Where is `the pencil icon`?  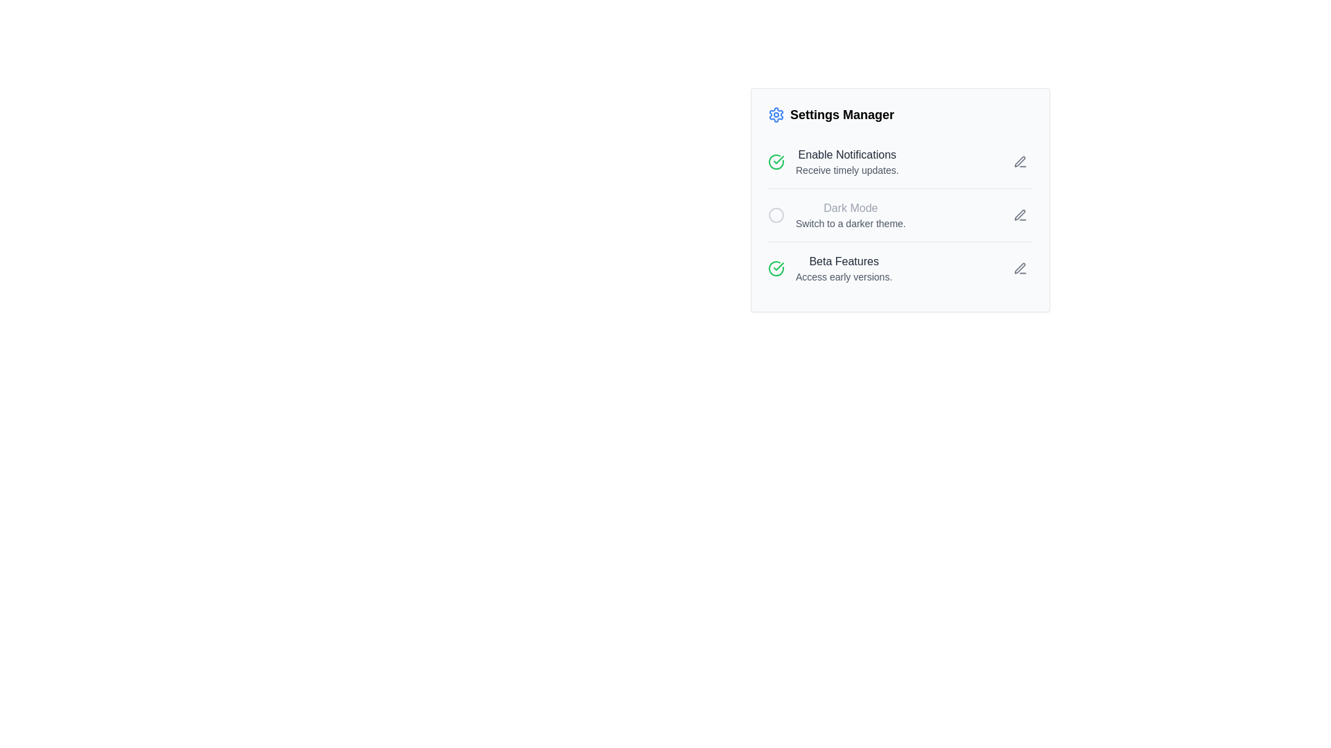
the pencil icon is located at coordinates (901, 215).